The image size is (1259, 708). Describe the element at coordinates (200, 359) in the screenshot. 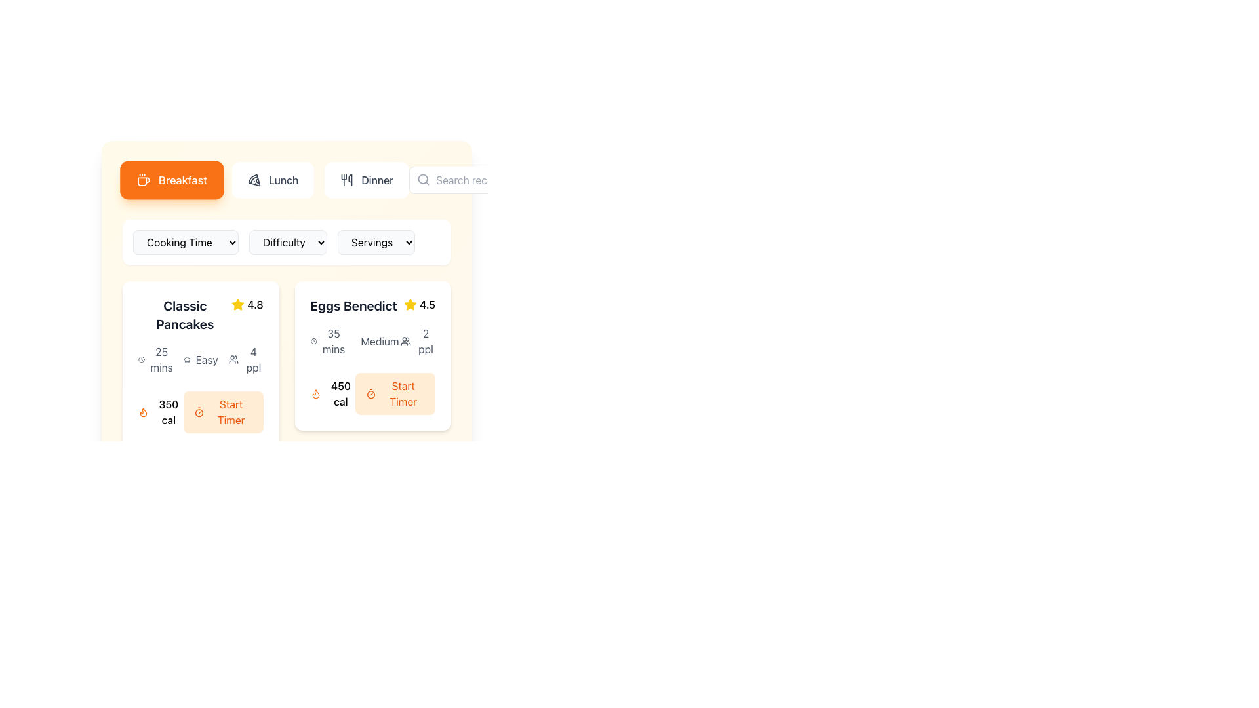

I see `the Information block displaying '25 mins', 'Easy', and '4 ppl' with their respective icons, located in the center row of the 'Classic Pancakes' card` at that location.